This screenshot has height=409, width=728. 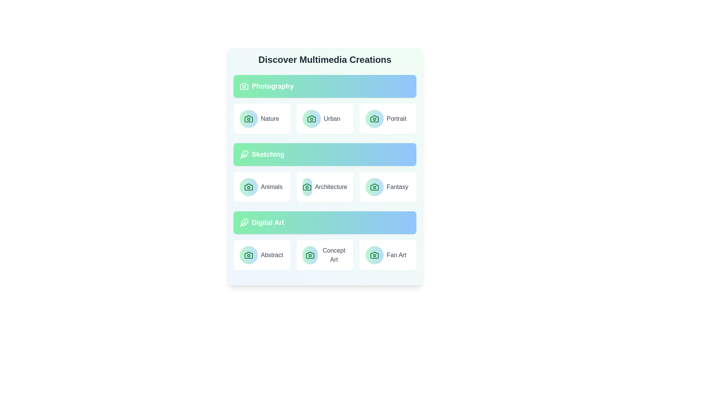 What do you see at coordinates (325, 154) in the screenshot?
I see `the category header Sketching to focus on its contents` at bounding box center [325, 154].